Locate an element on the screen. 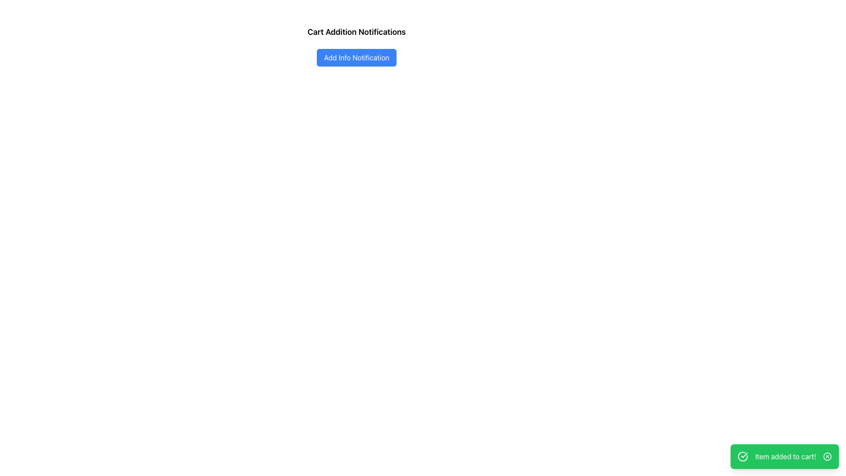  the success notification icon indicating 'Item added to cart!' located in the bottom-right corner of the notification widget is located at coordinates (744, 455).